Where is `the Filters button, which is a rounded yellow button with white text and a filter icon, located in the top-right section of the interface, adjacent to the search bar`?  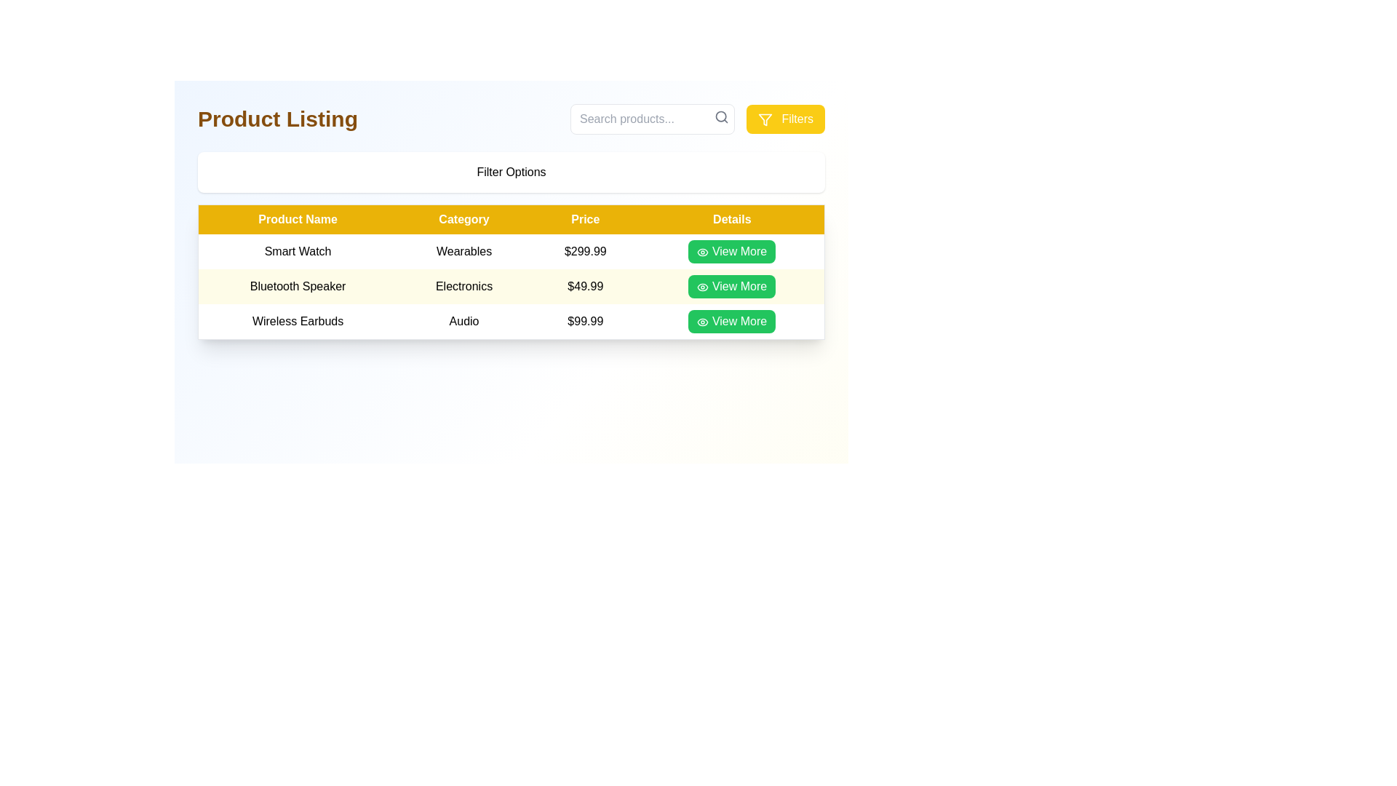 the Filters button, which is a rounded yellow button with white text and a filter icon, located in the top-right section of the interface, adjacent to the search bar is located at coordinates (785, 119).